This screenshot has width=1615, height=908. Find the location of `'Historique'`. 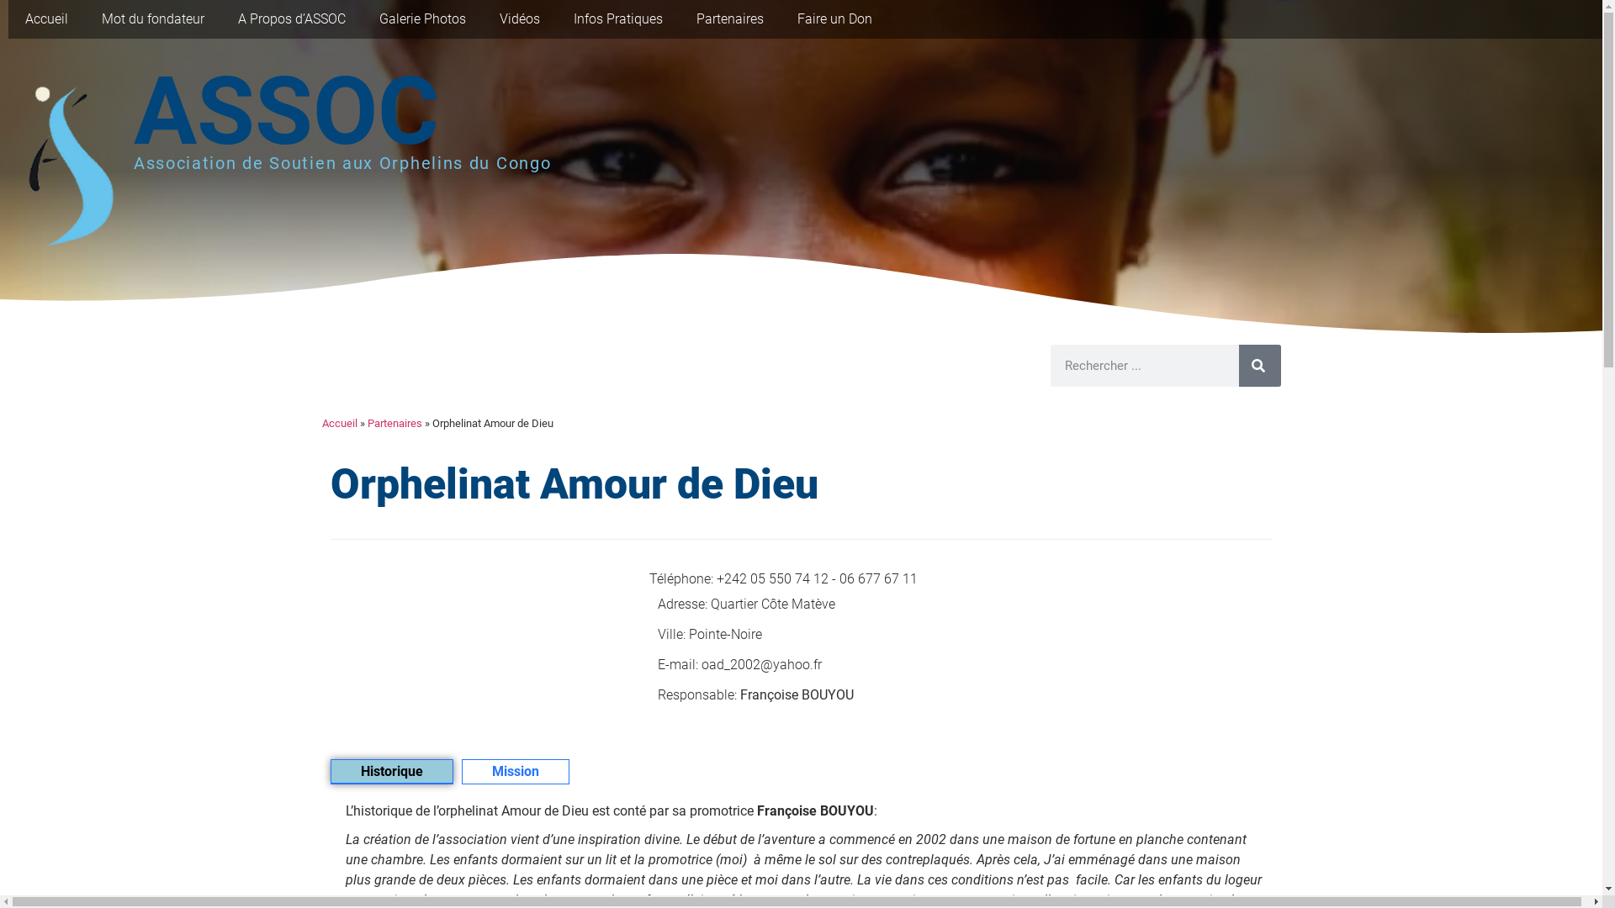

'Historique' is located at coordinates (390, 772).